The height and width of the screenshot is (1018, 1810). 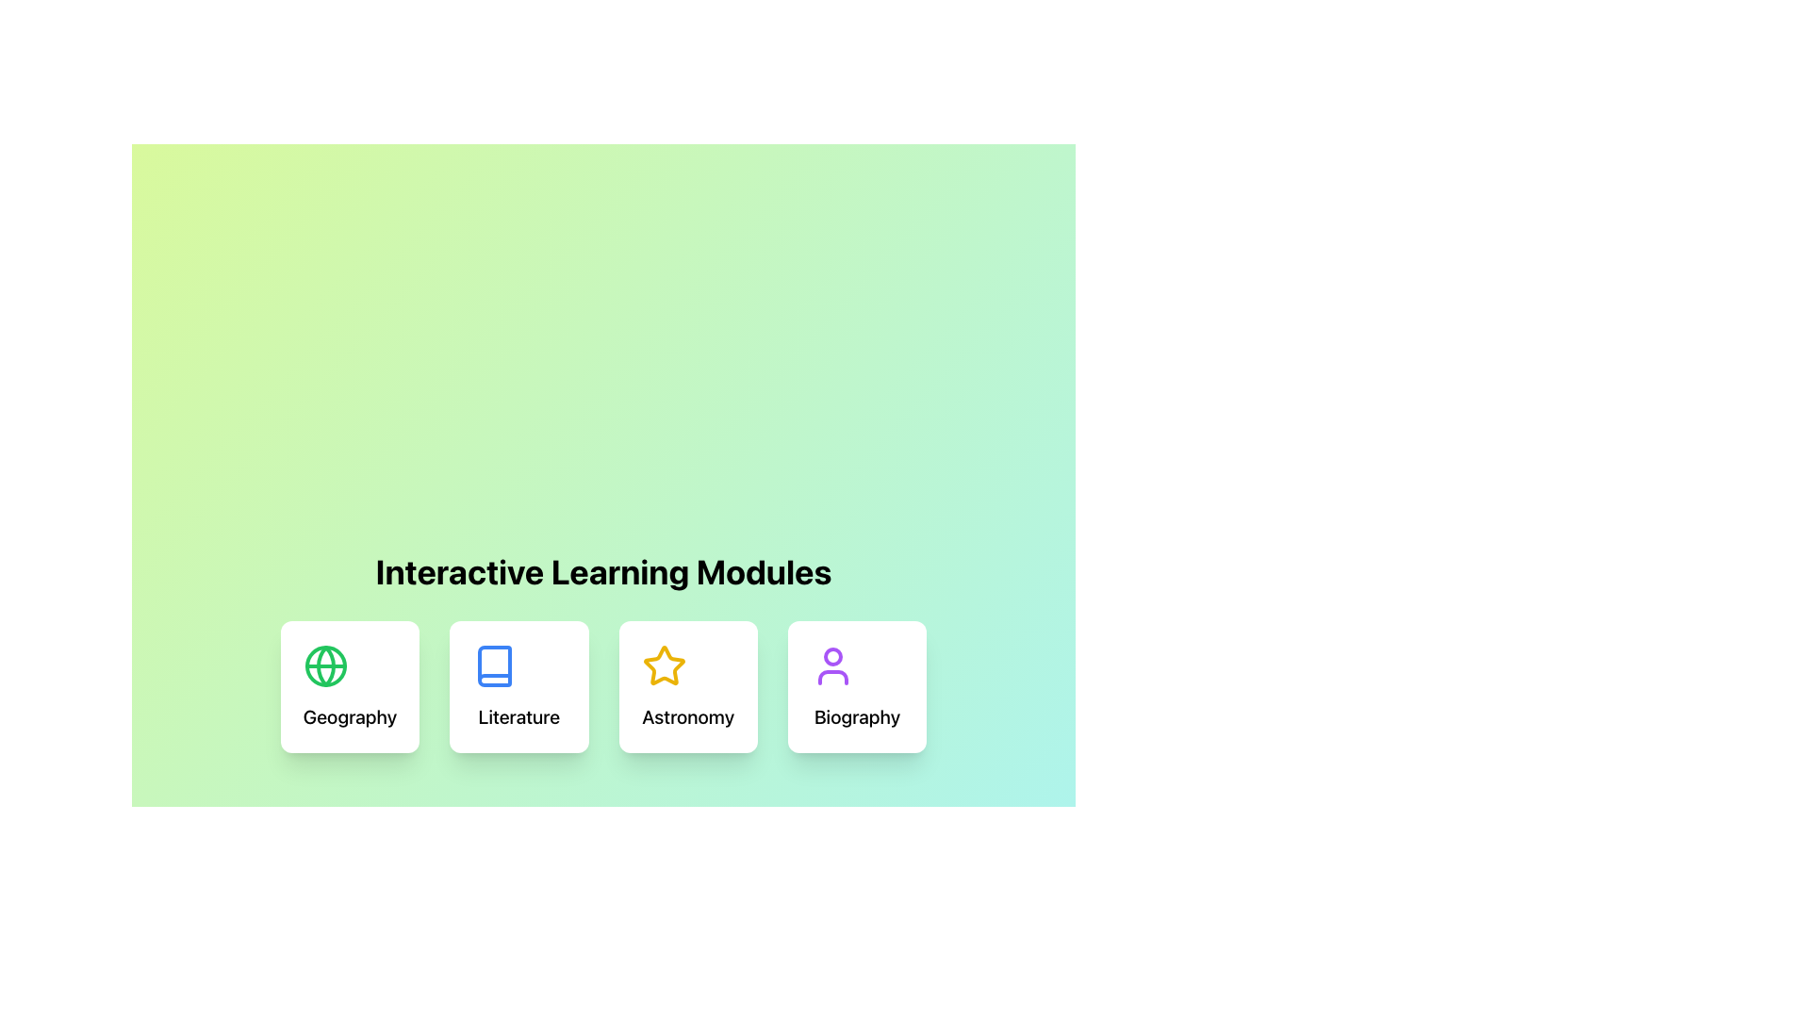 I want to click on the Interactive Card labeled 'Biography', so click(x=856, y=687).